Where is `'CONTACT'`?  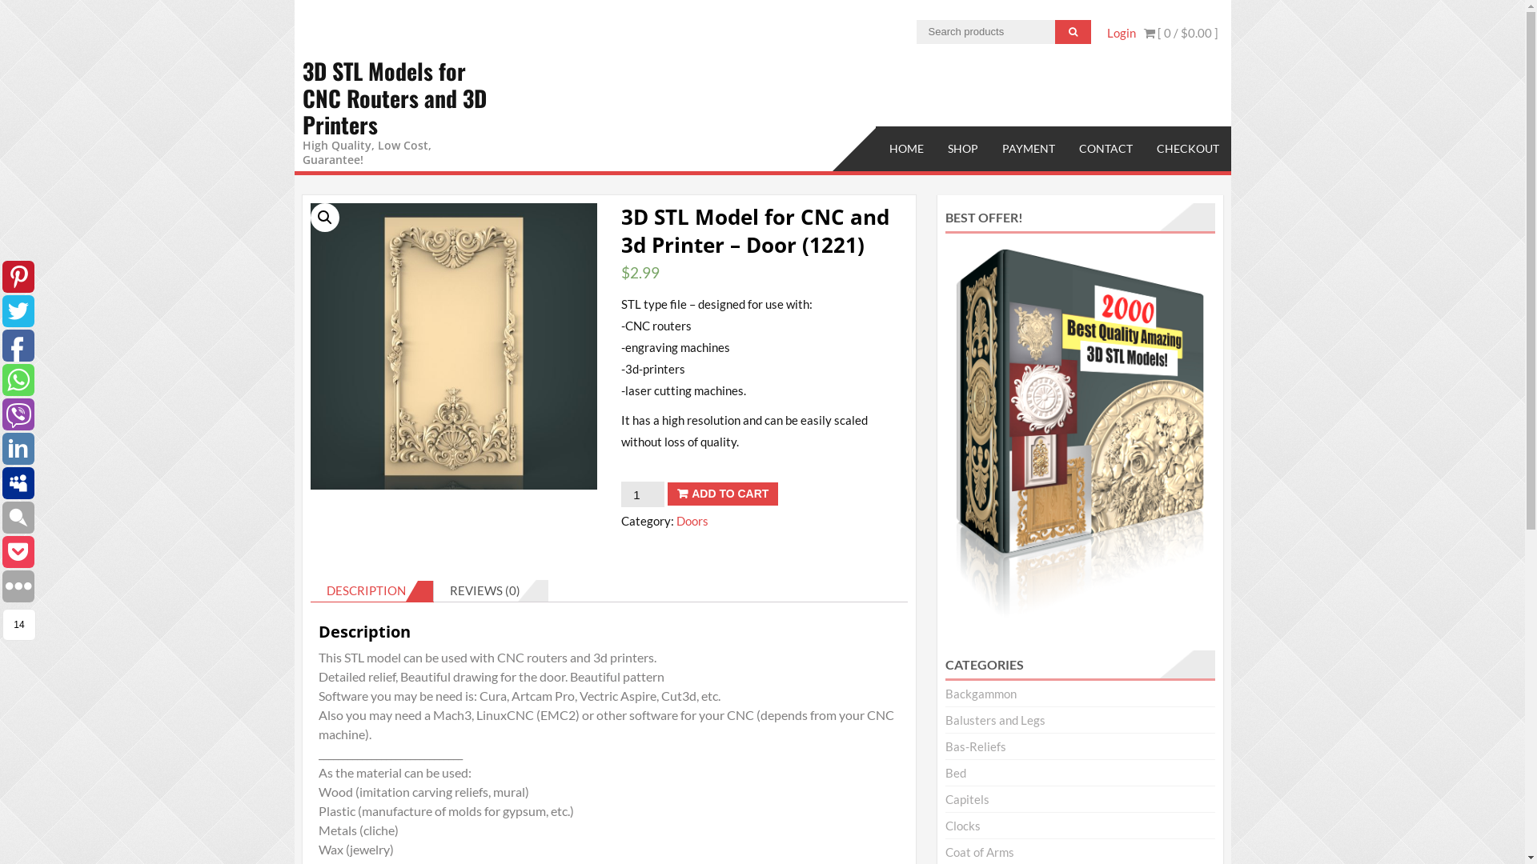
'CONTACT' is located at coordinates (1065, 148).